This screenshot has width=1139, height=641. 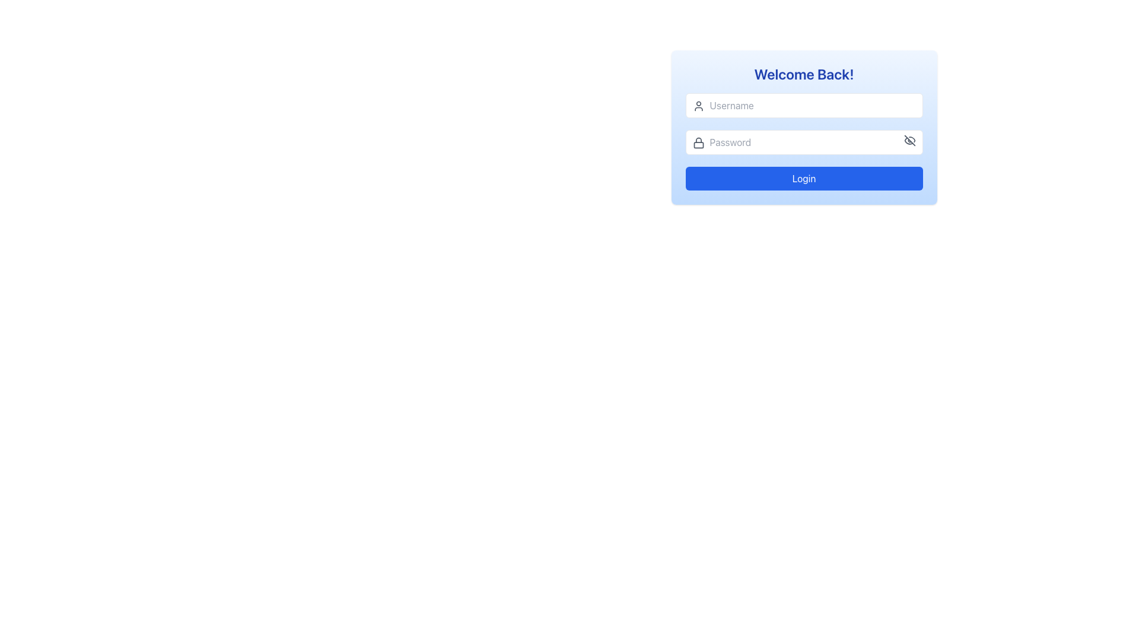 I want to click on the submission button located at the bottom of the login form, so click(x=804, y=178).